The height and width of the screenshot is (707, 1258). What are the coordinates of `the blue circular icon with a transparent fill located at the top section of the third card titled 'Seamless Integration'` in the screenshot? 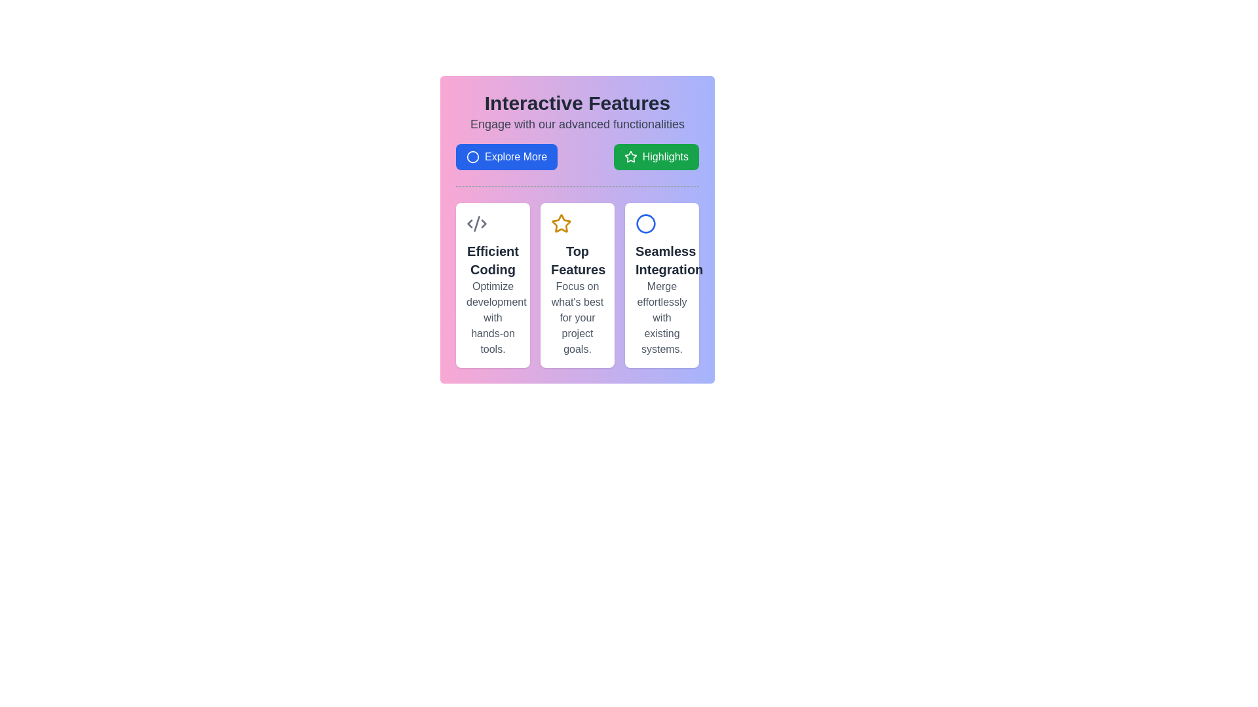 It's located at (645, 223).